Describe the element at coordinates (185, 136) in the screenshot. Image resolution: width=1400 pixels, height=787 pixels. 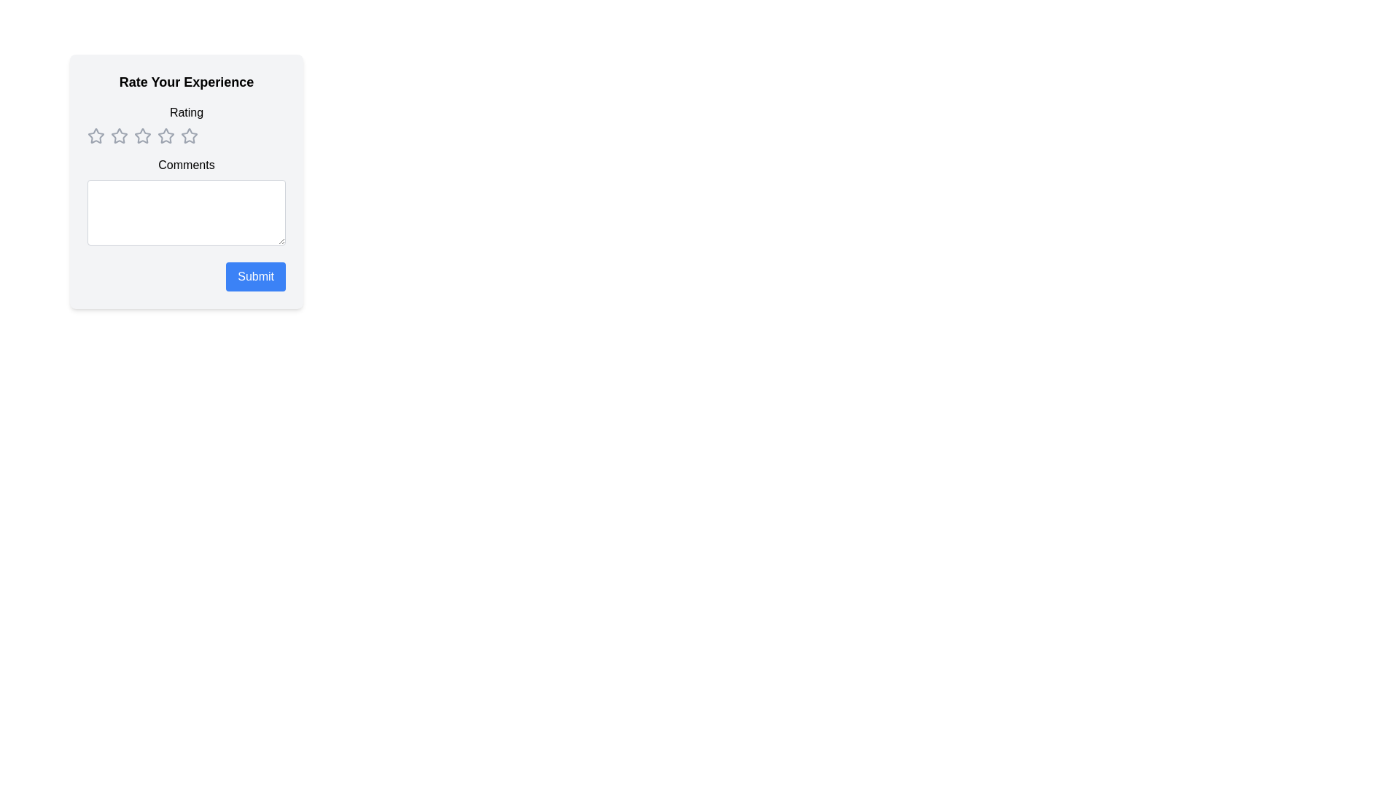
I see `the fourth clickable star icon in the horizontal row below the 'Rating' label` at that location.